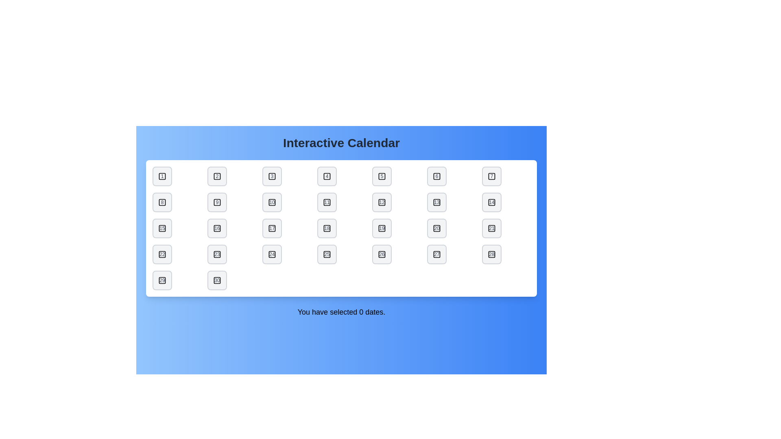 Image resolution: width=781 pixels, height=439 pixels. Describe the element at coordinates (327, 228) in the screenshot. I see `the date button labeled 18 to toggle its selection state` at that location.